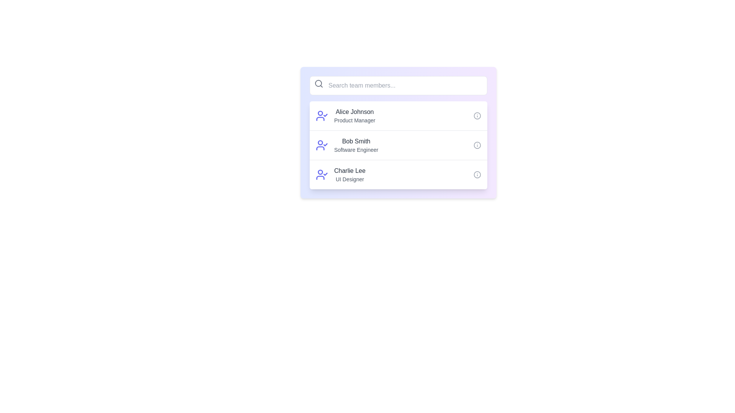 This screenshot has width=735, height=413. I want to click on static text displaying the name of the team member, which is the first line of text within the third entry in the list of team members, located below 'Bob Smith, Software Engineer', so click(349, 171).